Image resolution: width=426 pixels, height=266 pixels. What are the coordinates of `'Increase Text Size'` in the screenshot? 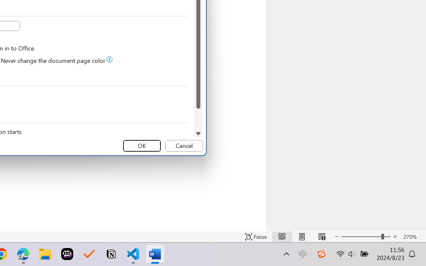 It's located at (395, 236).